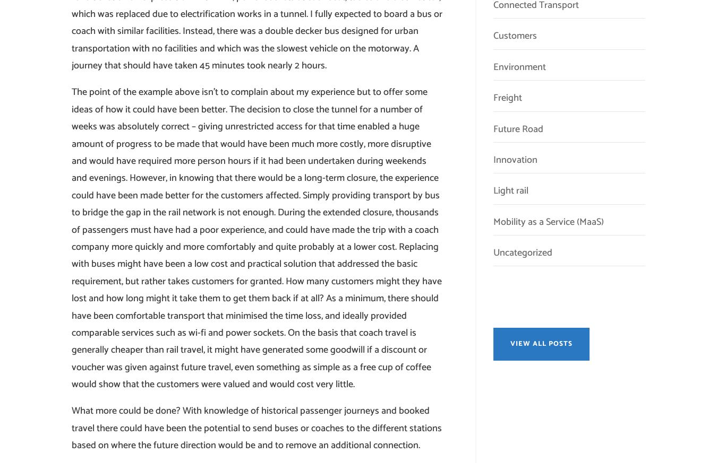  What do you see at coordinates (510, 190) in the screenshot?
I see `'Light rail'` at bounding box center [510, 190].